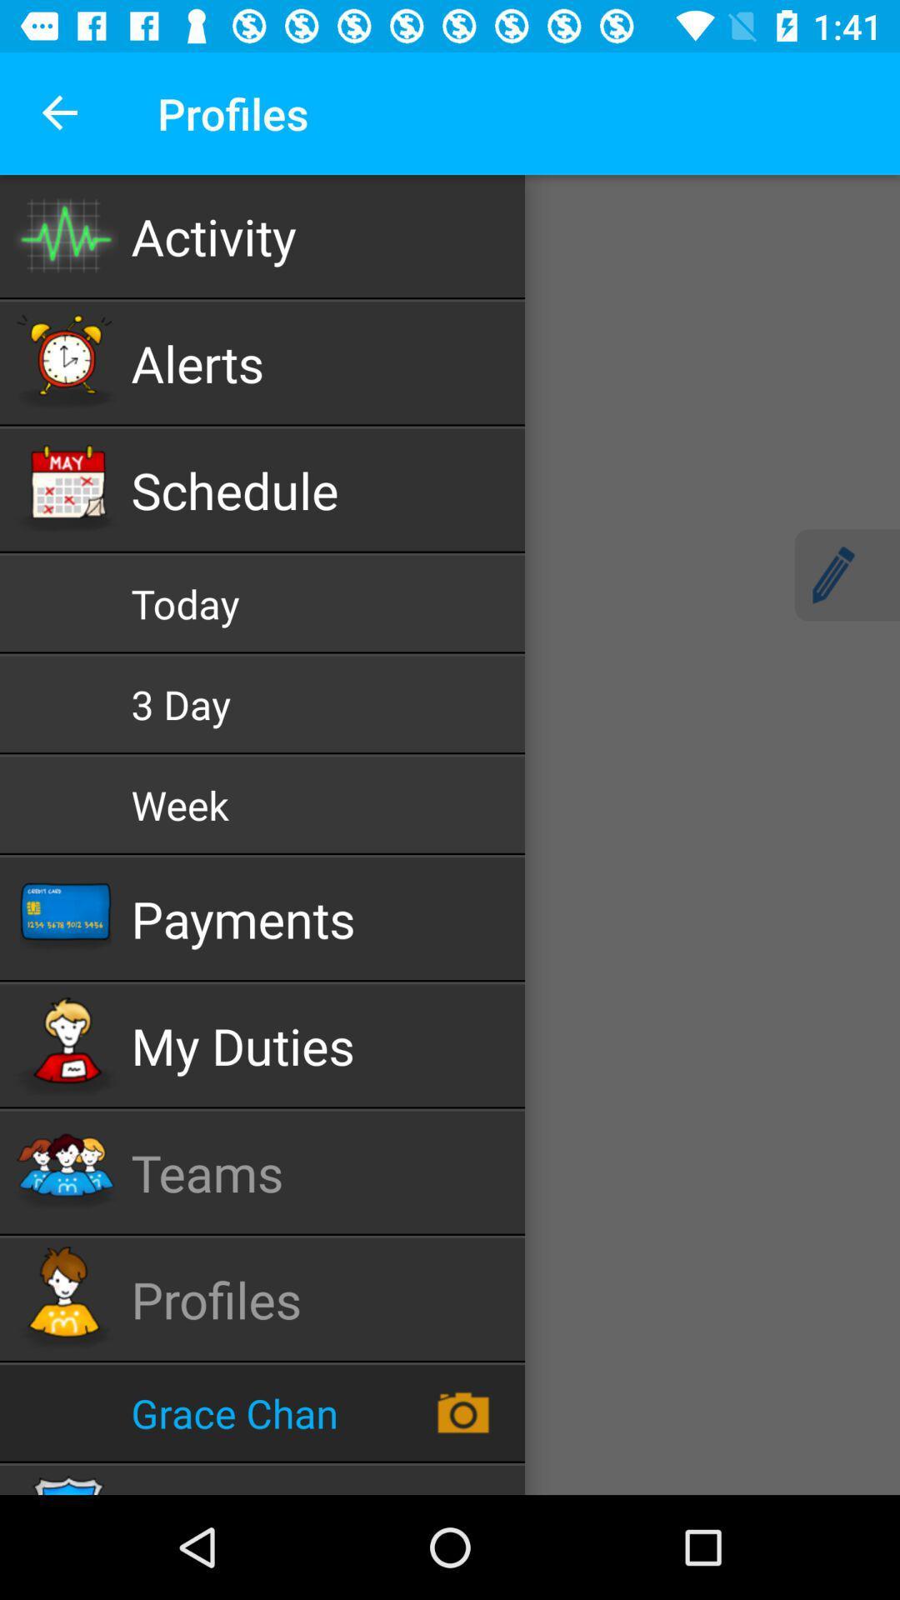  I want to click on tap the icon just left to the activity, so click(64, 235).